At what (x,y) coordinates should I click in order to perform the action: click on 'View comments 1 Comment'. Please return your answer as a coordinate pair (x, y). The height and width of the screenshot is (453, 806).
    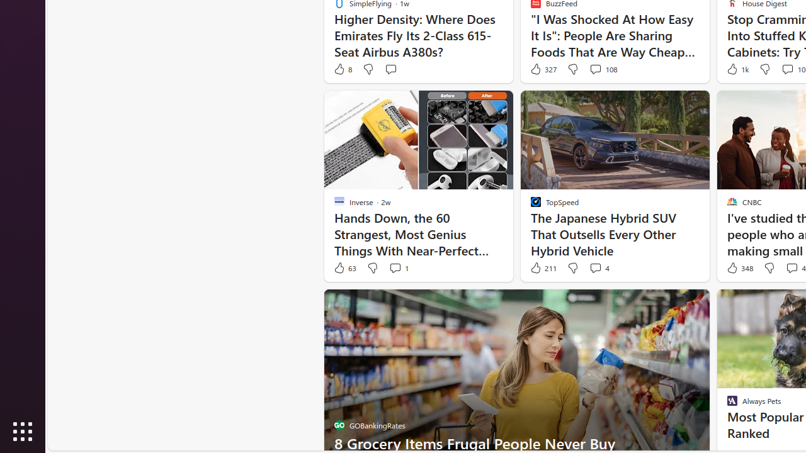
    Looking at the image, I should click on (394, 267).